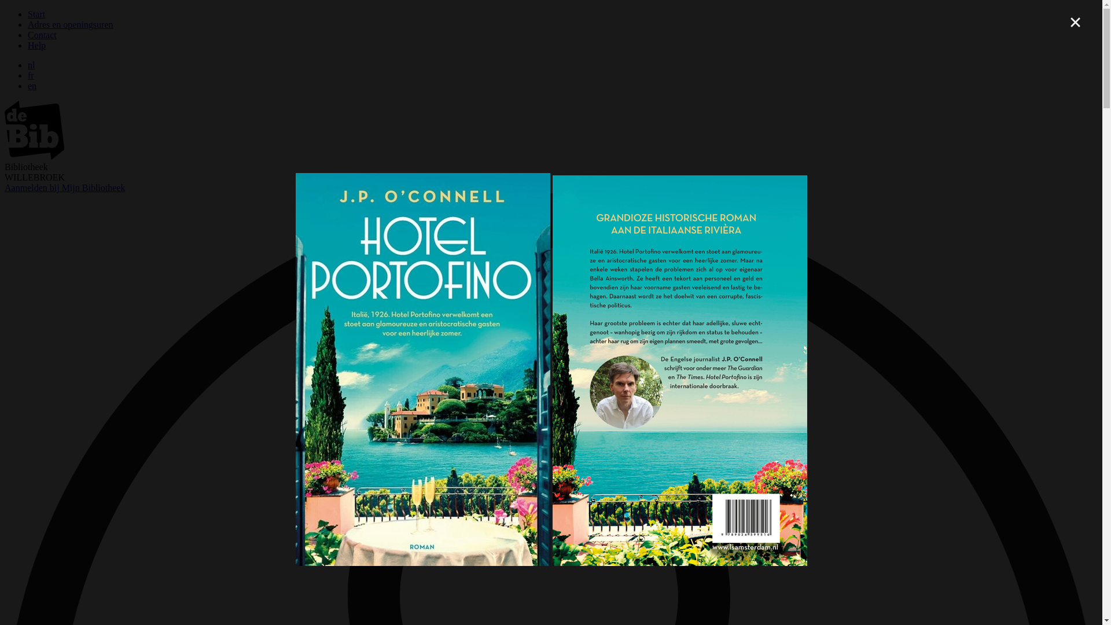 Image resolution: width=1111 pixels, height=625 pixels. I want to click on 'Start', so click(28, 14).